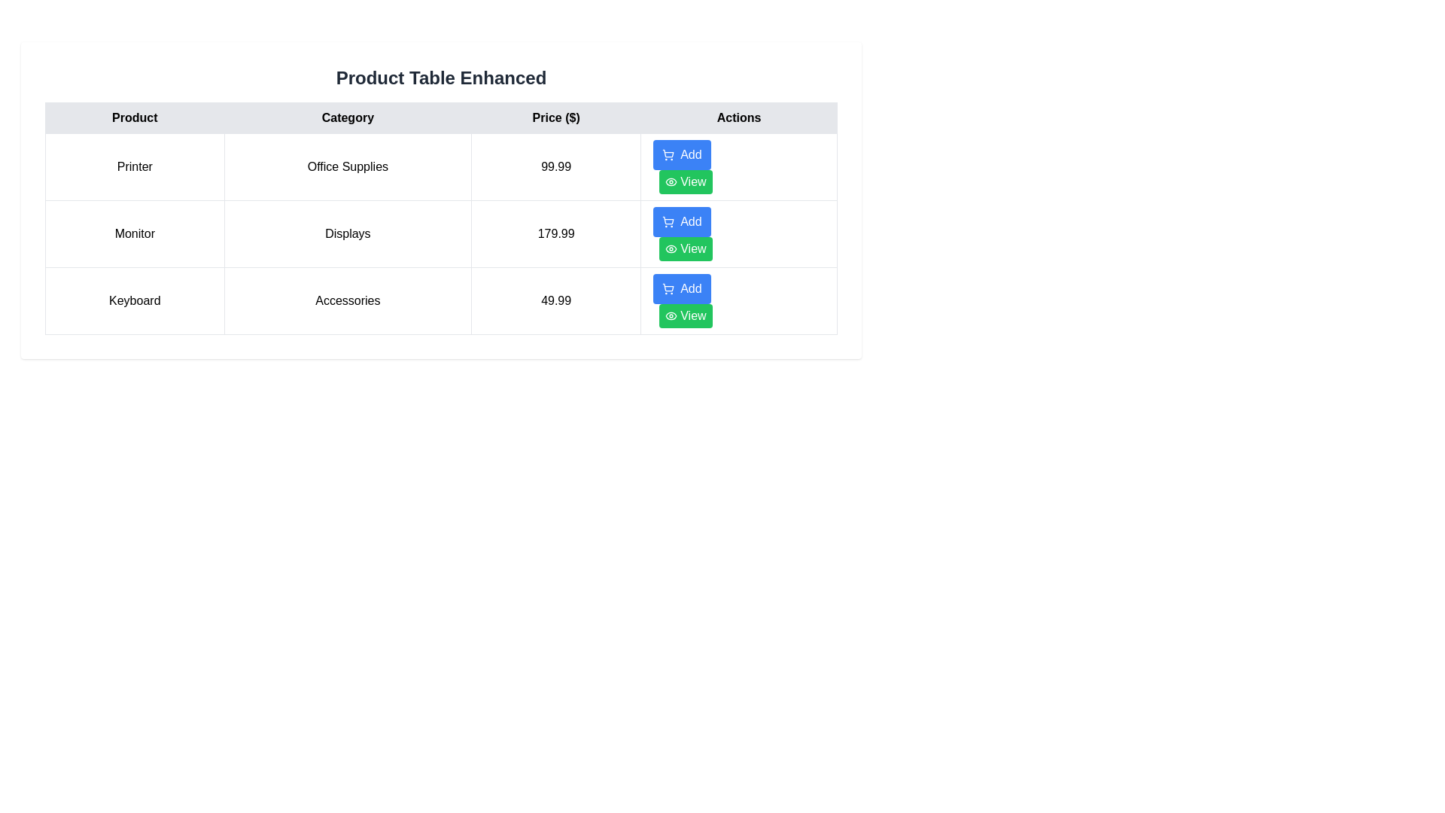  I want to click on the shopping cart icon within the blue 'Add' button located in the top row of the 'Actions' column of the table, so click(668, 154).